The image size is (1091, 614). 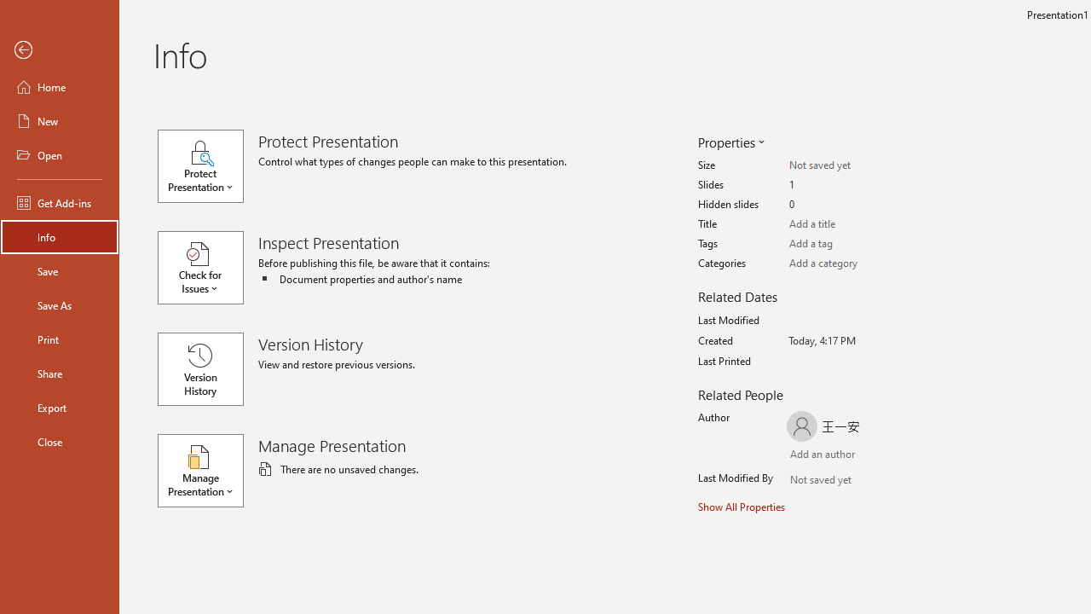 What do you see at coordinates (59, 236) in the screenshot?
I see `'Info'` at bounding box center [59, 236].